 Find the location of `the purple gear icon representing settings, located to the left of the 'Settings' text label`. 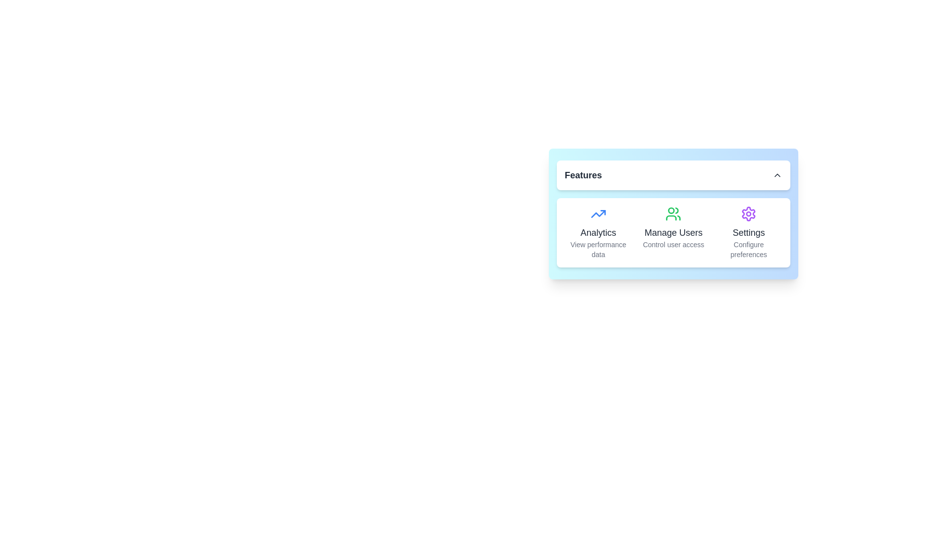

the purple gear icon representing settings, located to the left of the 'Settings' text label is located at coordinates (749, 214).